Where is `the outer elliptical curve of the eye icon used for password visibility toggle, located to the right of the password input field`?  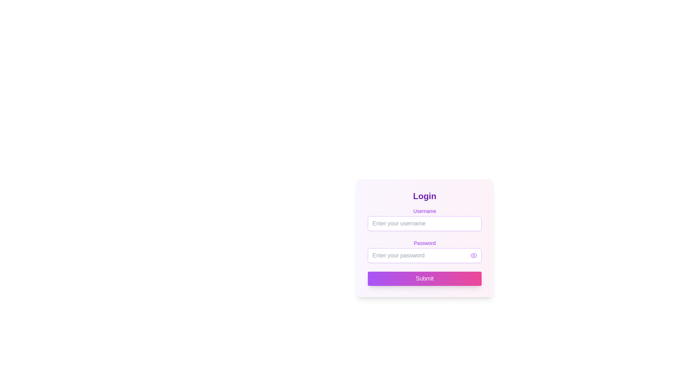 the outer elliptical curve of the eye icon used for password visibility toggle, located to the right of the password input field is located at coordinates (473, 255).